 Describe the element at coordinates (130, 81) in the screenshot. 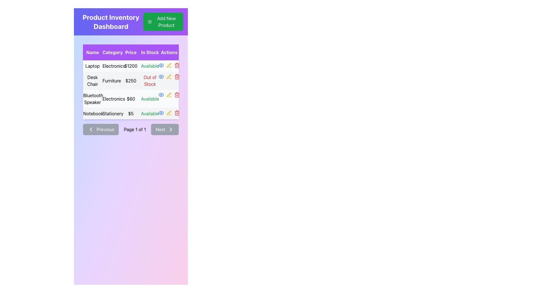

I see `the second row of the product table that displays 'Desk Chair', 'Furniture', '$250', and 'Out of Stock' in red color, located beneath the headers 'Name', 'Category', 'Price', and 'In Stock'` at that location.